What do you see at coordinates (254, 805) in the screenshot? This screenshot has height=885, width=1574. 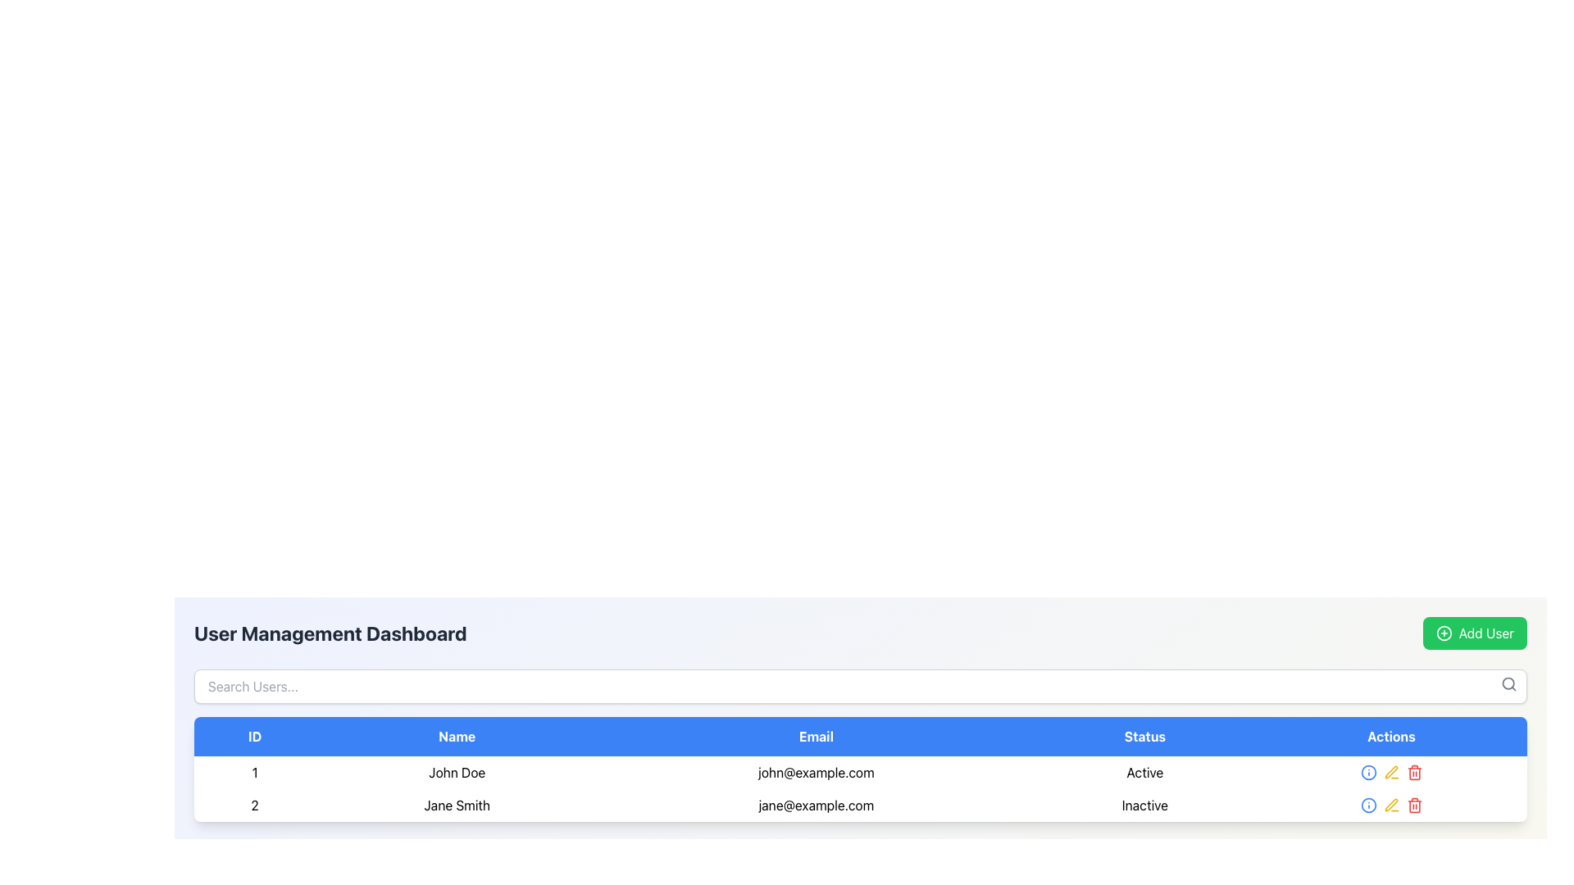 I see `the bold number '2' in the second row of the table under the 'ID' column` at bounding box center [254, 805].